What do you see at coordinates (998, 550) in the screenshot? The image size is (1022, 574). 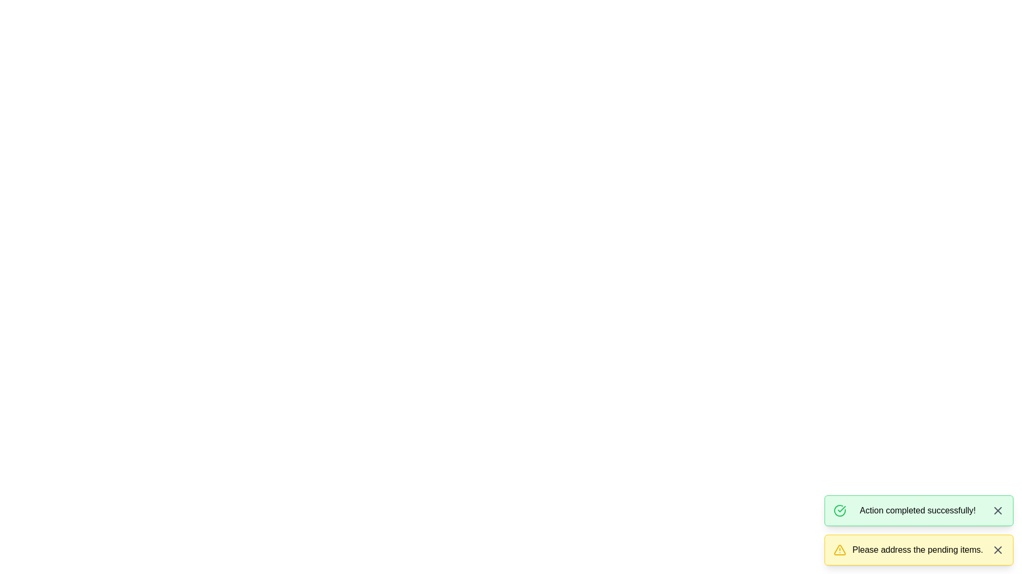 I see `close button of the message with text 'Please address the pending items.'` at bounding box center [998, 550].